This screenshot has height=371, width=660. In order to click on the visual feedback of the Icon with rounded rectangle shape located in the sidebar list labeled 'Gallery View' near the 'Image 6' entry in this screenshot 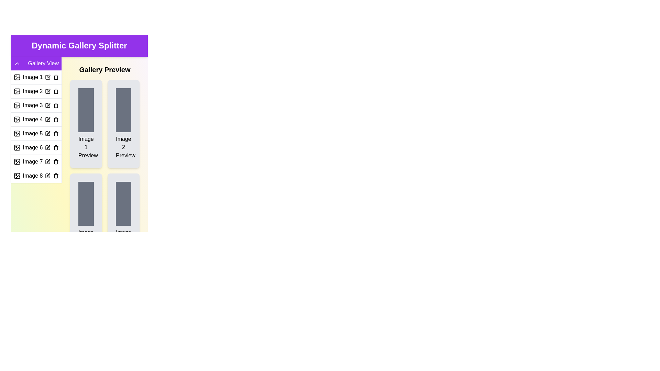, I will do `click(17, 147)`.